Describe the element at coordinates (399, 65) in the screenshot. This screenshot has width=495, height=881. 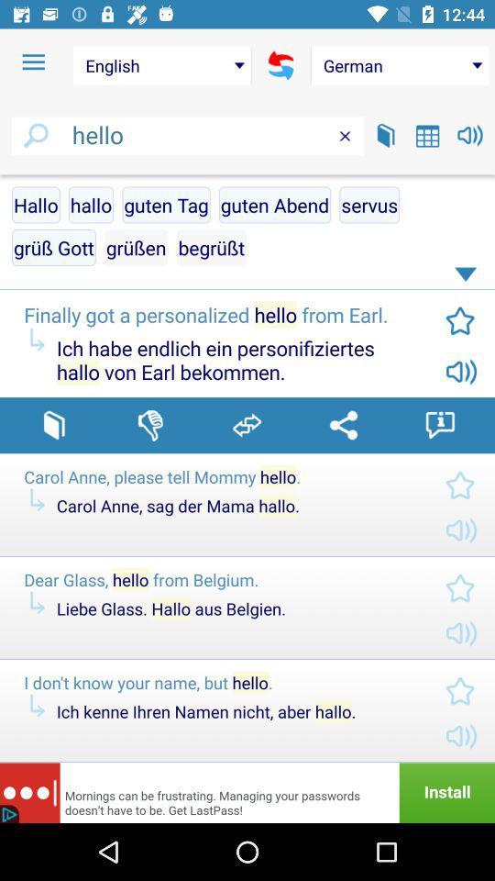
I see `the item above hello` at that location.